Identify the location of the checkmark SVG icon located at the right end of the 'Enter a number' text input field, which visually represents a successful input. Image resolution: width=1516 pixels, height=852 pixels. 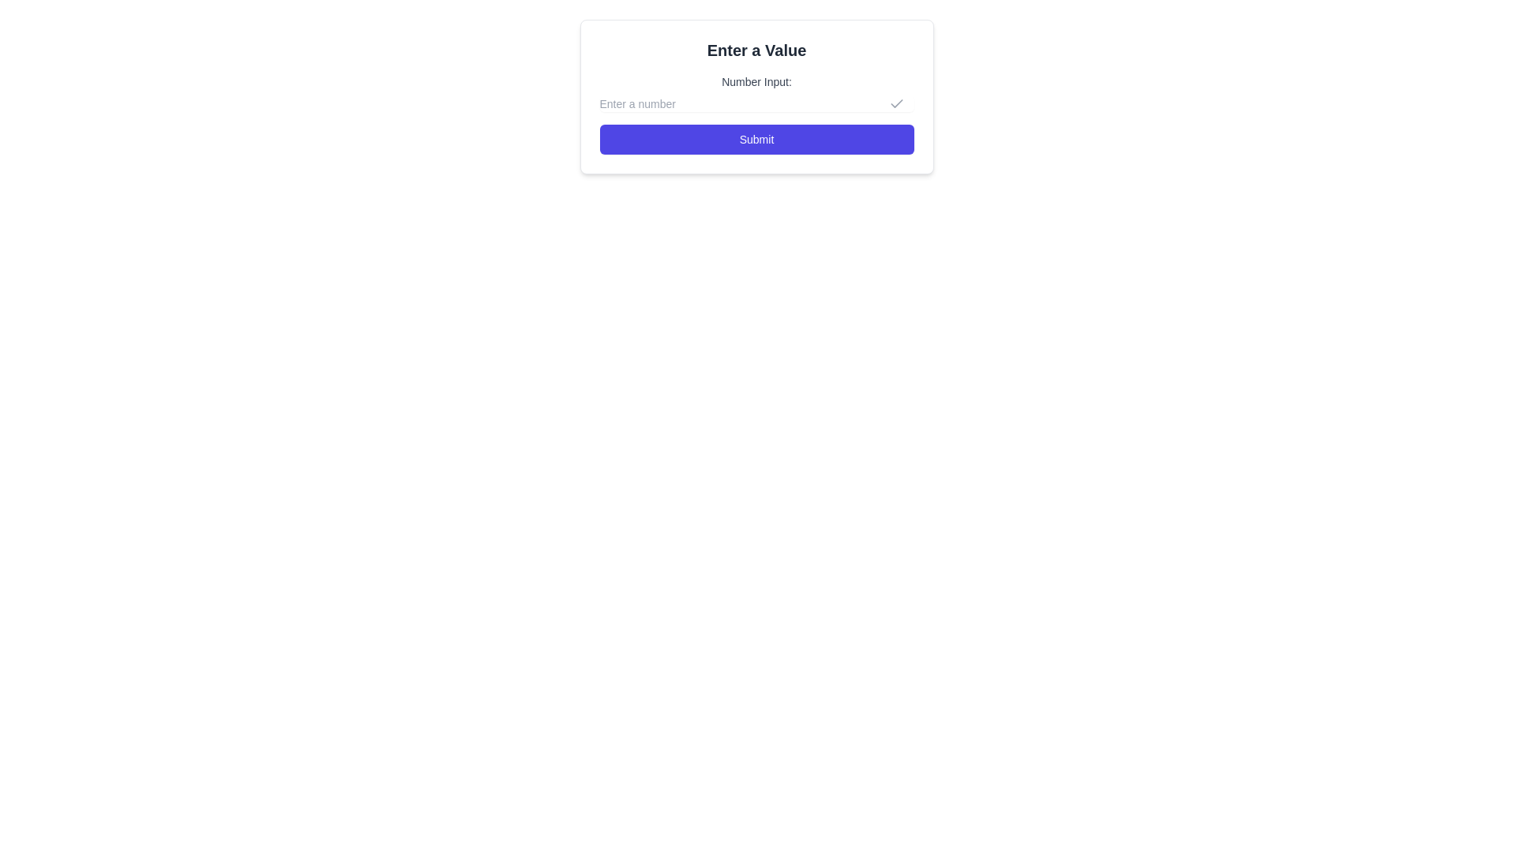
(896, 103).